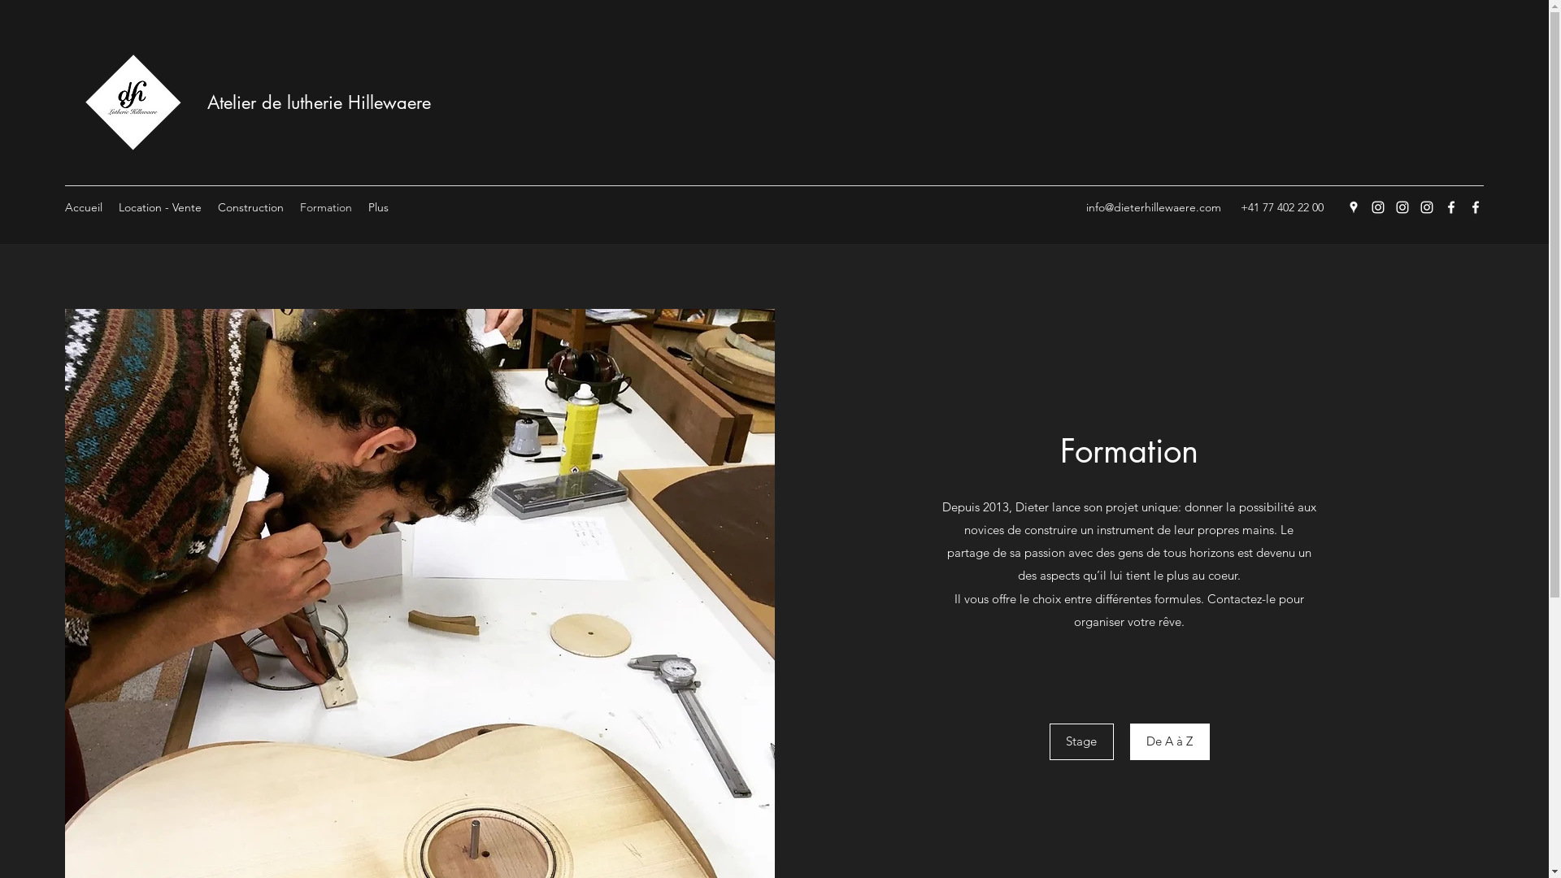 This screenshot has width=1561, height=878. I want to click on 'info@dieterhillewaere.com', so click(1153, 206).